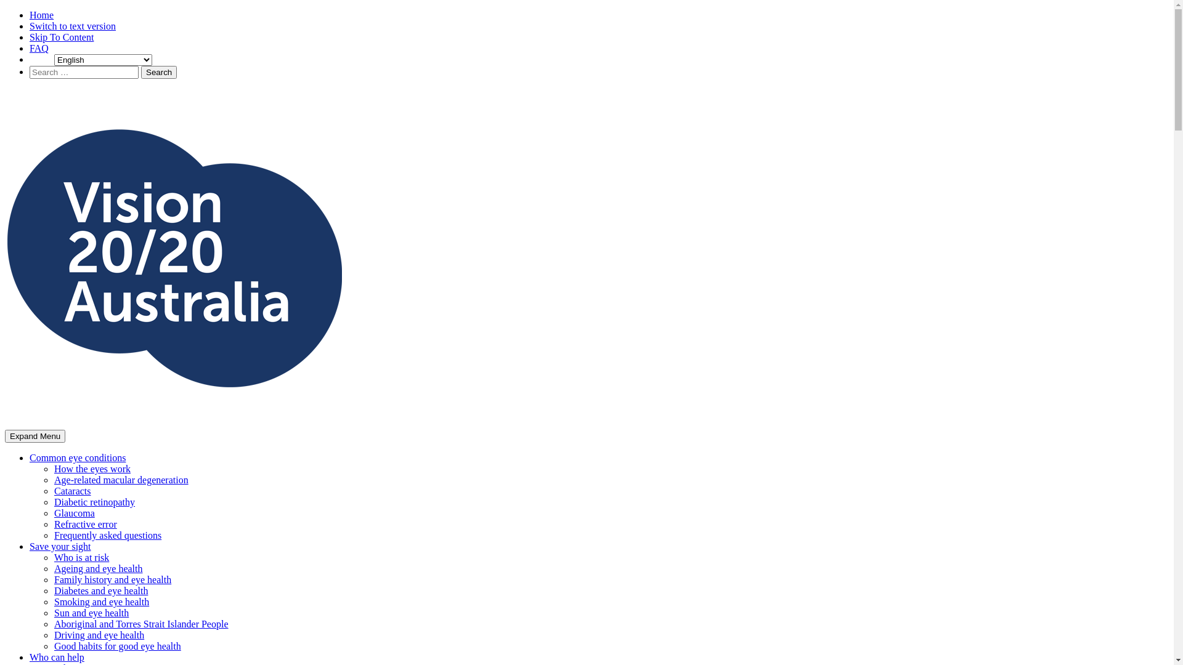 The image size is (1183, 665). I want to click on 'Expand Menu', so click(5, 435).